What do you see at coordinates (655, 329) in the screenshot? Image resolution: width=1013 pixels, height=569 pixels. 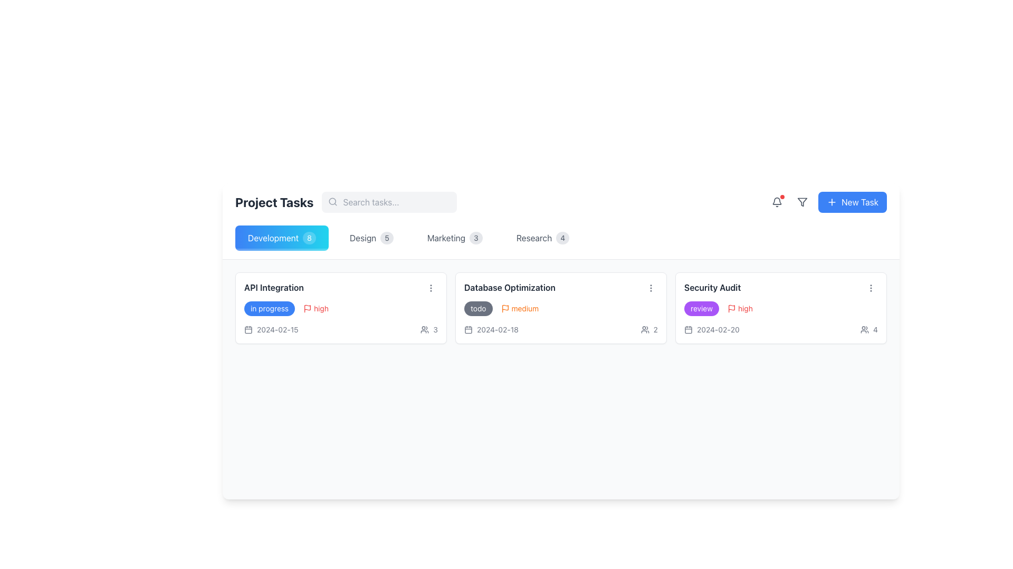 I see `numeral '2' displayed in a clear, sans-serif font, located in the 'Security Audit' task card, directly to the right of the user icon` at bounding box center [655, 329].